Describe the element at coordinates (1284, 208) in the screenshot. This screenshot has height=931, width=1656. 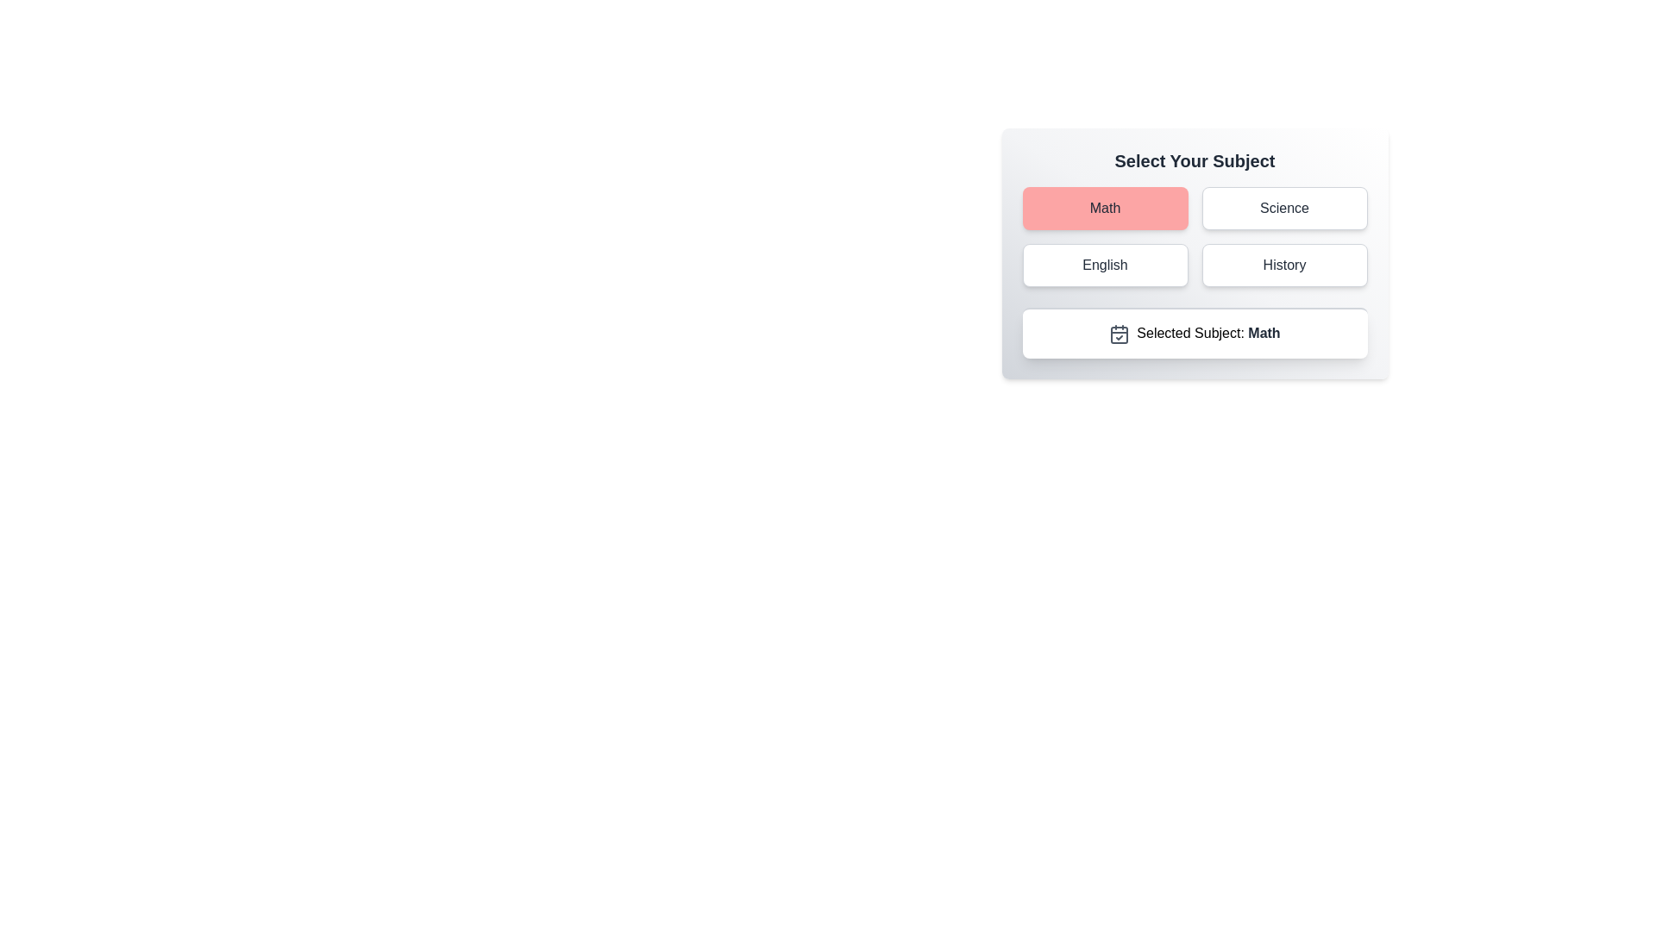
I see `the rectangular button labeled 'Science', which is the second button in the top row of the two-by-two grid layout` at that location.